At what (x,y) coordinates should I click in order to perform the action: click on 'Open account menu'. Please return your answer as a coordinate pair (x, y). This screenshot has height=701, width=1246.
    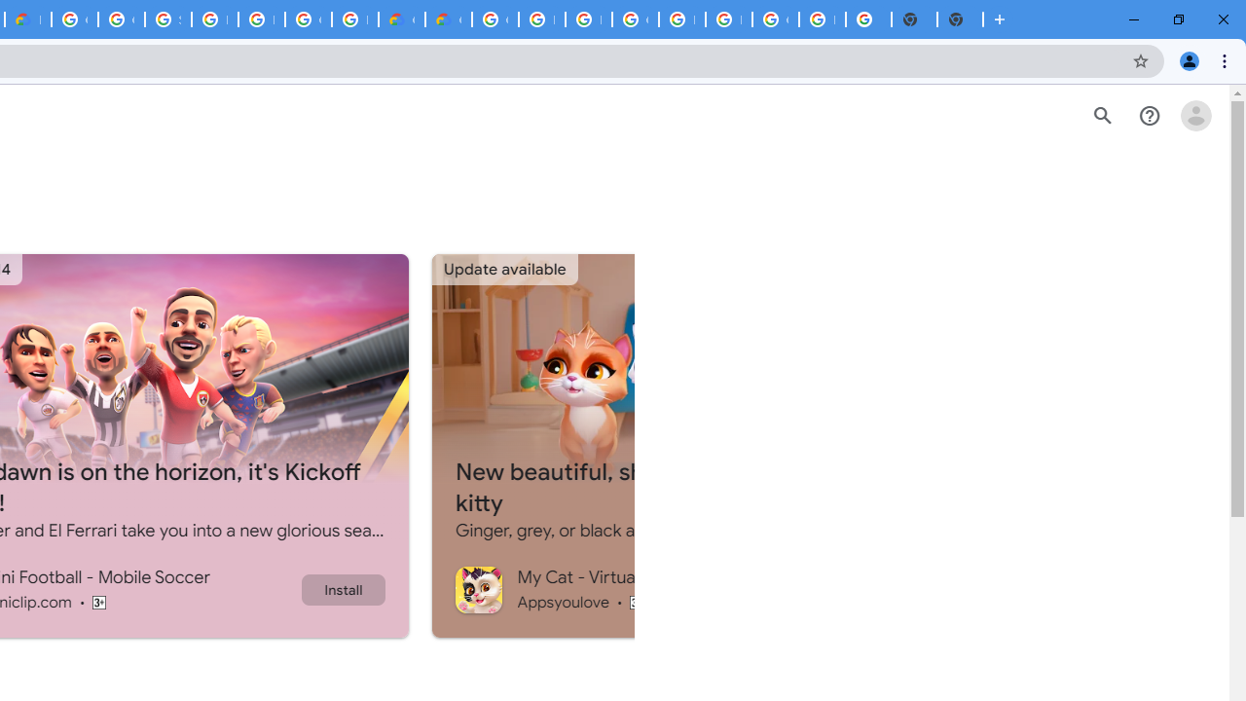
    Looking at the image, I should click on (1194, 116).